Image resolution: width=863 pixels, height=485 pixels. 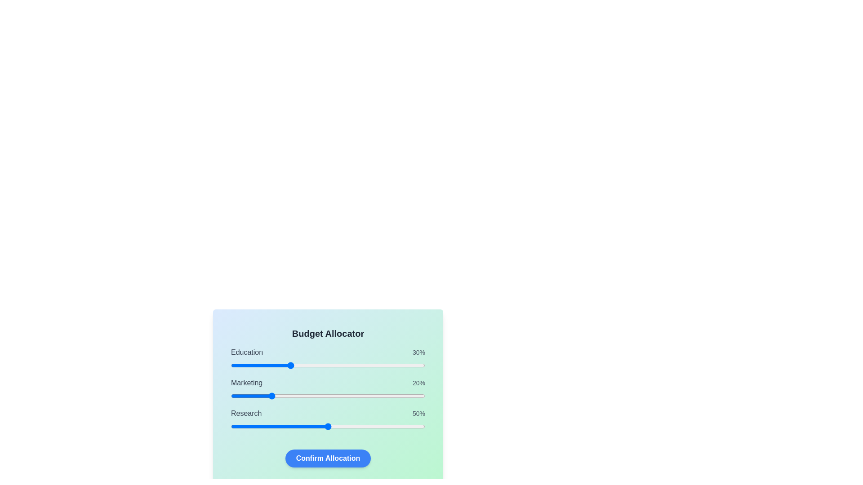 What do you see at coordinates (242, 365) in the screenshot?
I see `the Education slider to 6%` at bounding box center [242, 365].